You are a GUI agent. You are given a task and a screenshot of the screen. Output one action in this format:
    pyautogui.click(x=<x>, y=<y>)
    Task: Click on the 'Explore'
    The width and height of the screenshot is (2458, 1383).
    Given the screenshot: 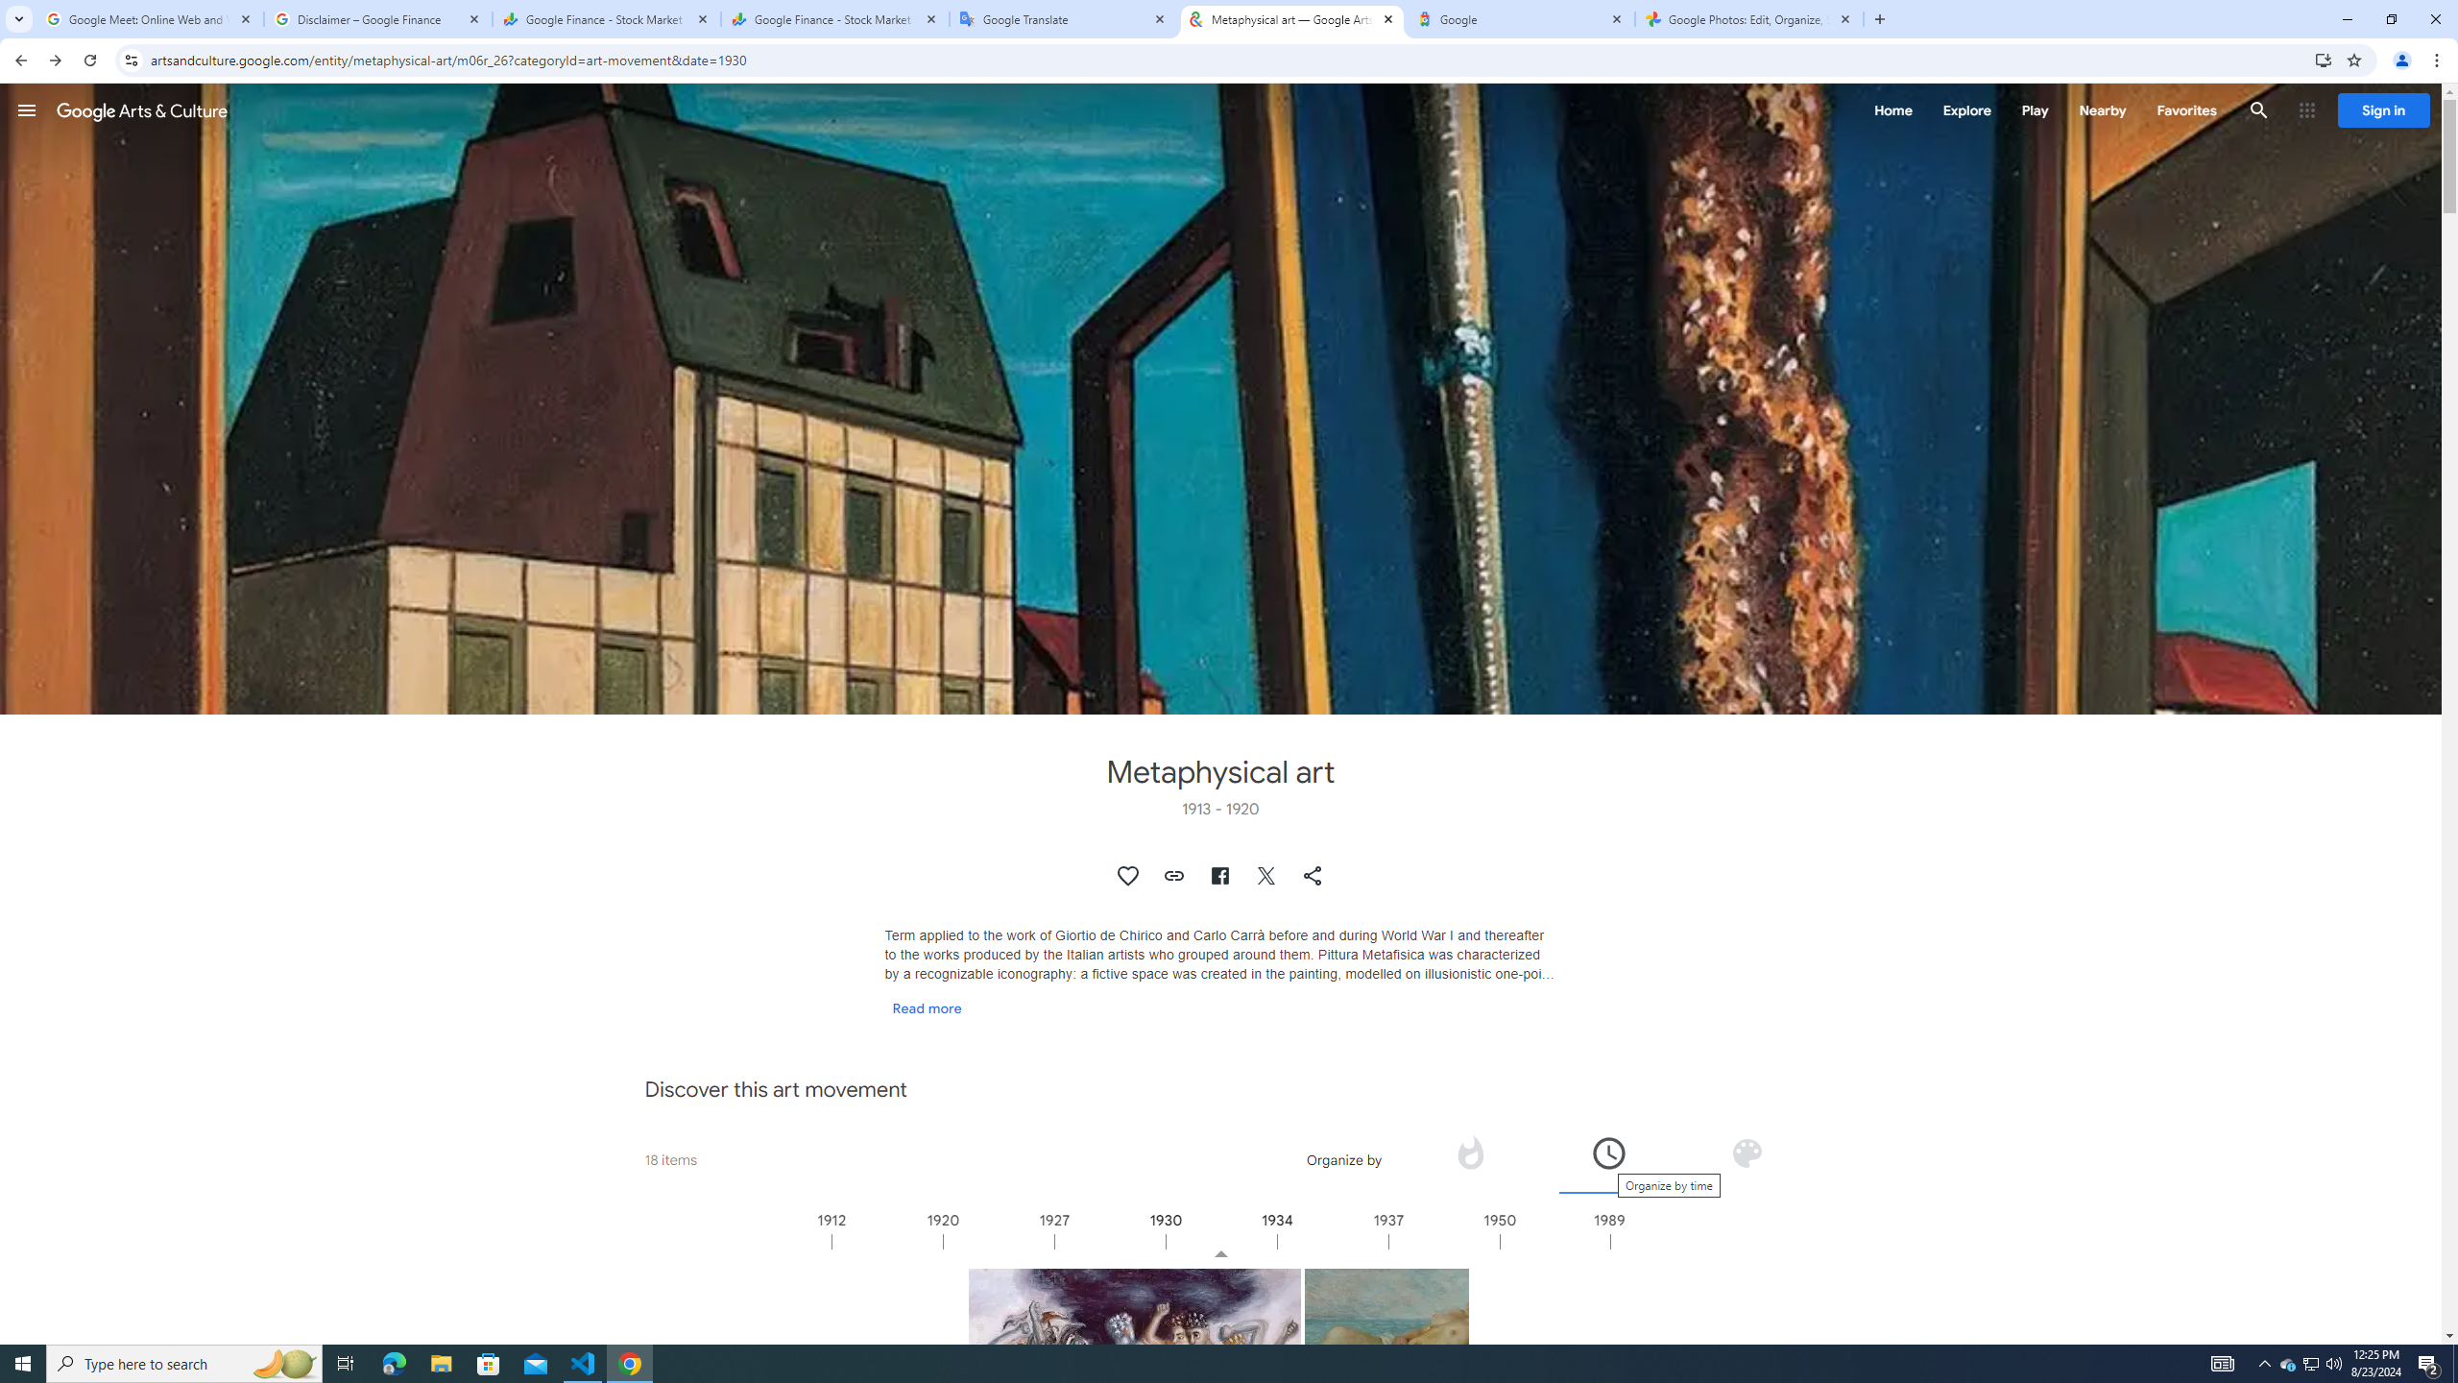 What is the action you would take?
    pyautogui.click(x=1965, y=109)
    